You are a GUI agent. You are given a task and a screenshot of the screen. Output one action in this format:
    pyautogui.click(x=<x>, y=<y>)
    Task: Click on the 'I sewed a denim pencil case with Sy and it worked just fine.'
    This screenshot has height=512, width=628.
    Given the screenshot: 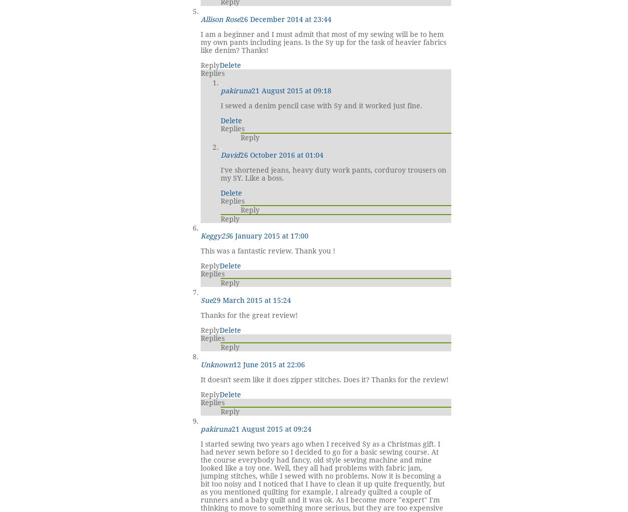 What is the action you would take?
    pyautogui.click(x=321, y=105)
    